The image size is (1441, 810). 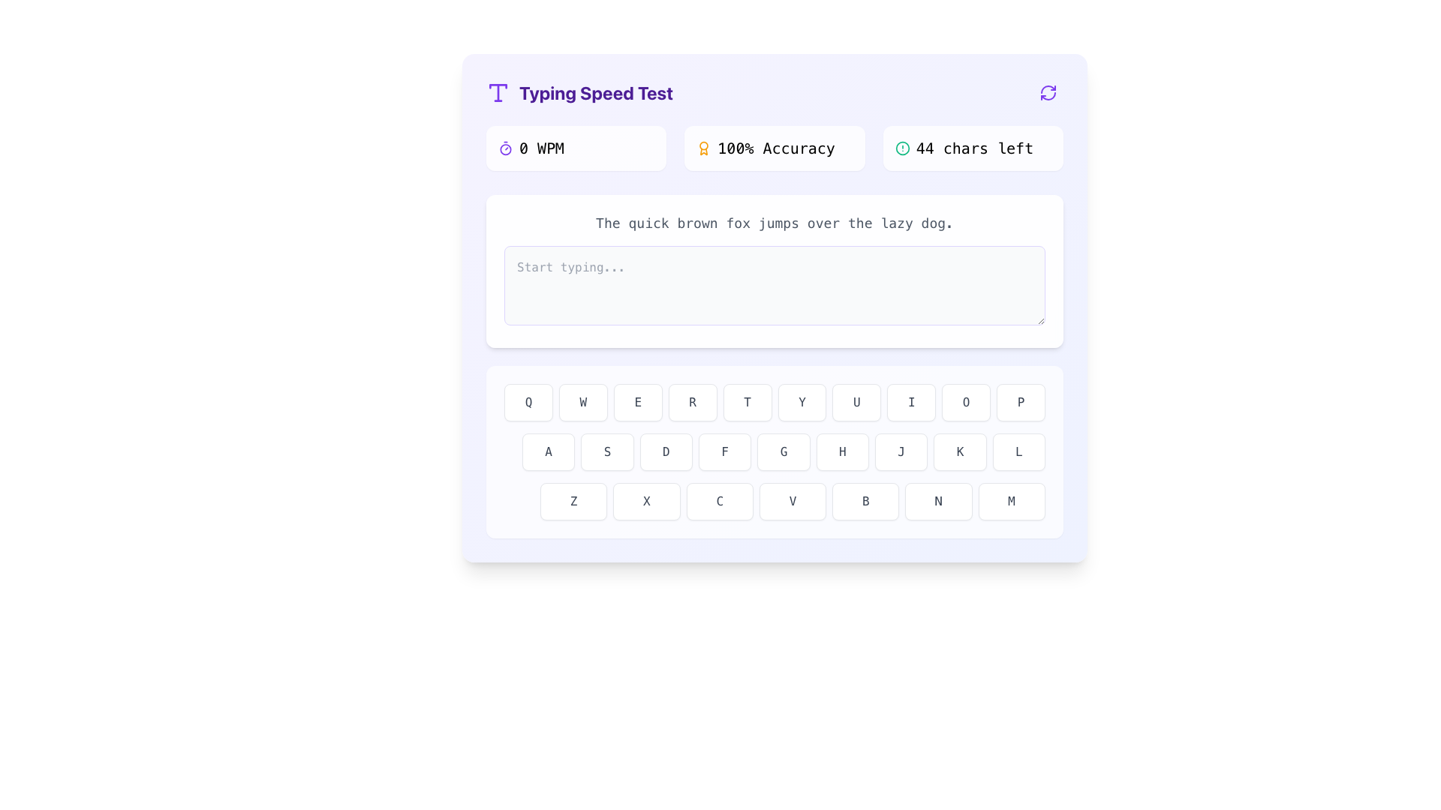 I want to click on the 'K' key on the virtual keyboard, which is the eighth button in the row containing letters 'A' to 'L', so click(x=959, y=451).